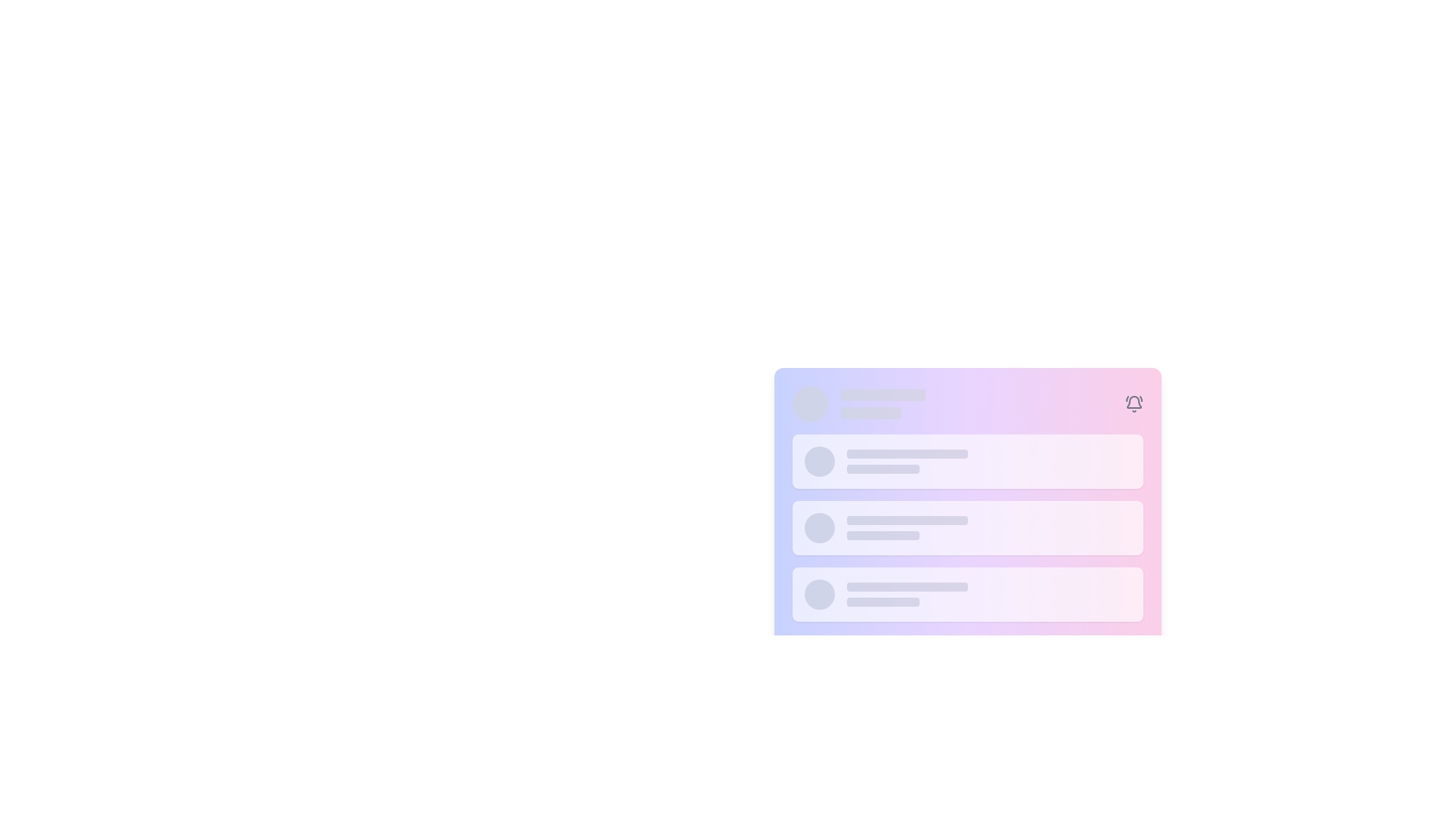 The image size is (1452, 816). What do you see at coordinates (870, 413) in the screenshot?
I see `the loading skeleton placeholder, which is a horizontally elongated rectangular bar with rounded corners and a gray color, positioned below a similar placeholder element` at bounding box center [870, 413].